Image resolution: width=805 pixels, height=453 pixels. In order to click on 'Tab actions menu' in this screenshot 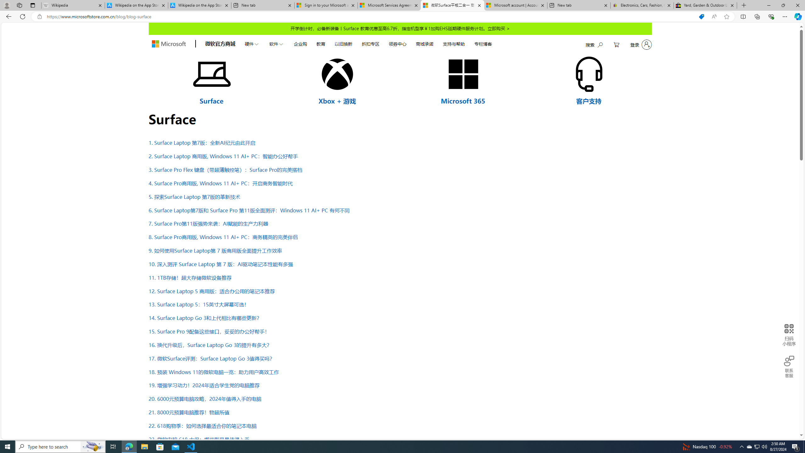, I will do `click(32, 5)`.